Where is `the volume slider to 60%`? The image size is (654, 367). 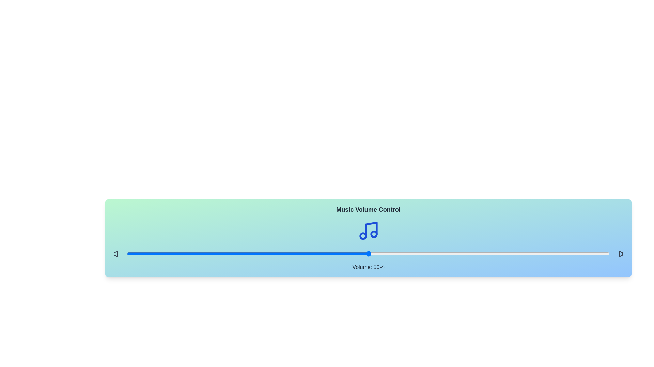 the volume slider to 60% is located at coordinates (416, 254).